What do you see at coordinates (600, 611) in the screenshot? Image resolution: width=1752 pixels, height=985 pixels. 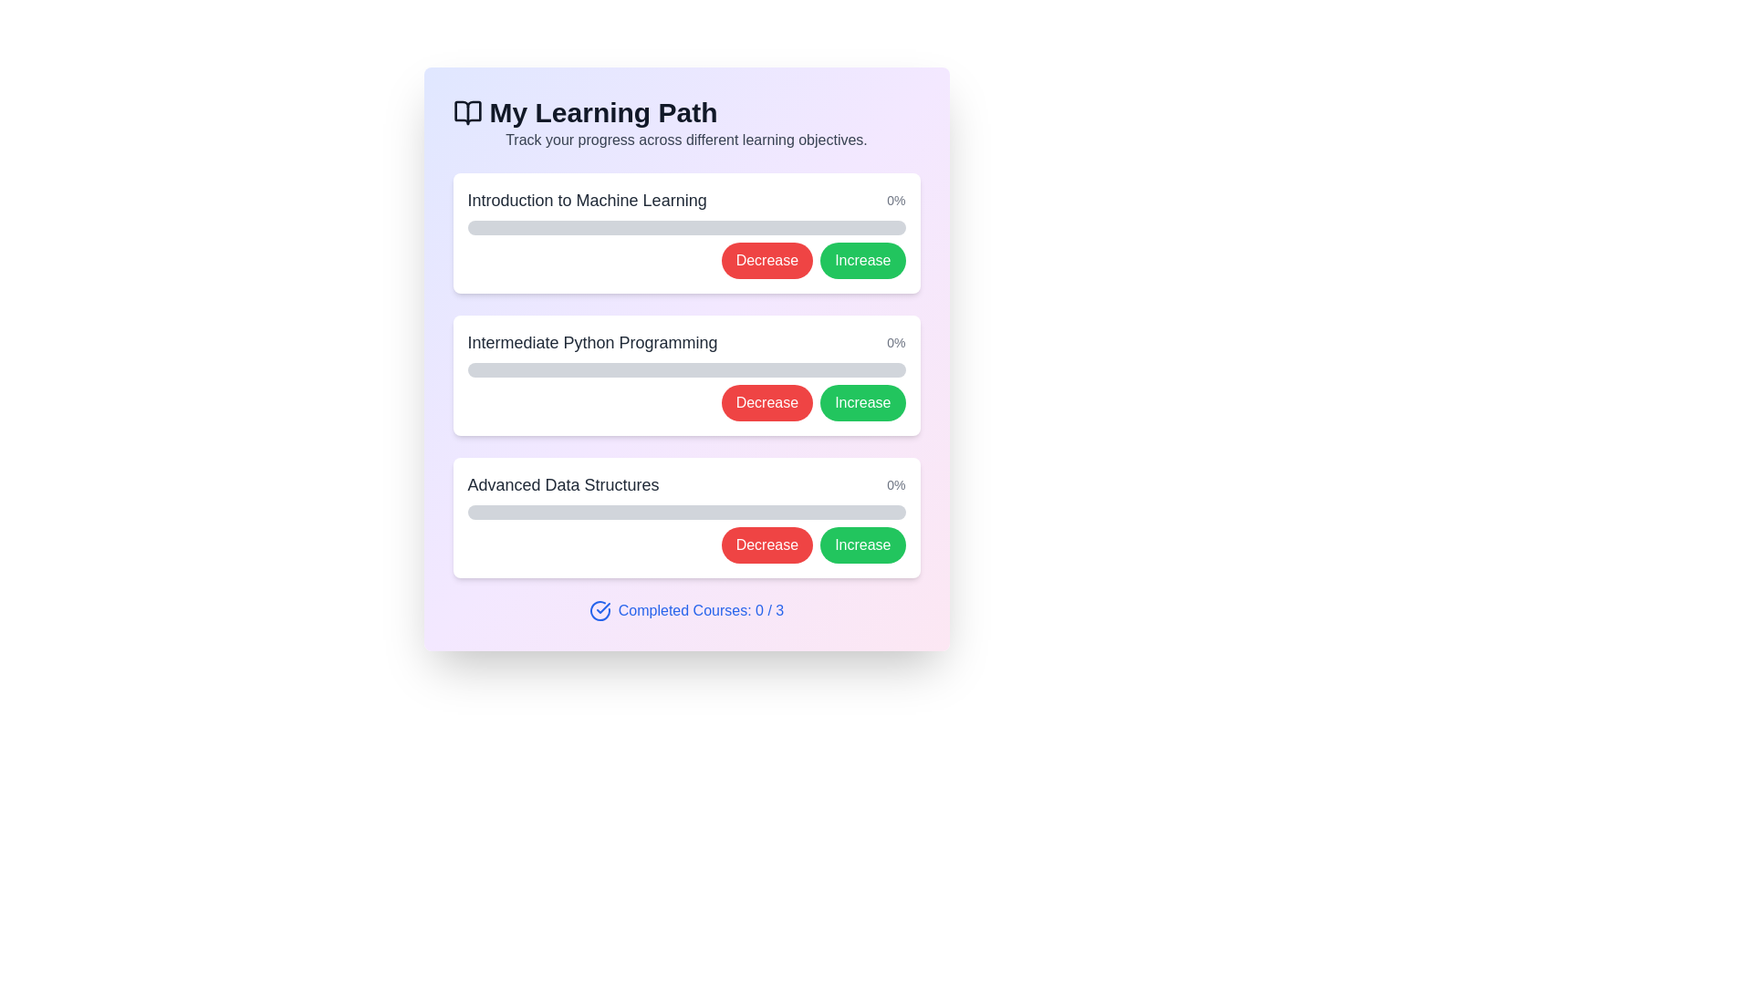 I see `the decorative graphical icon component representing the completed courses progress indicator, located at the bottom center of the learning interface` at bounding box center [600, 611].